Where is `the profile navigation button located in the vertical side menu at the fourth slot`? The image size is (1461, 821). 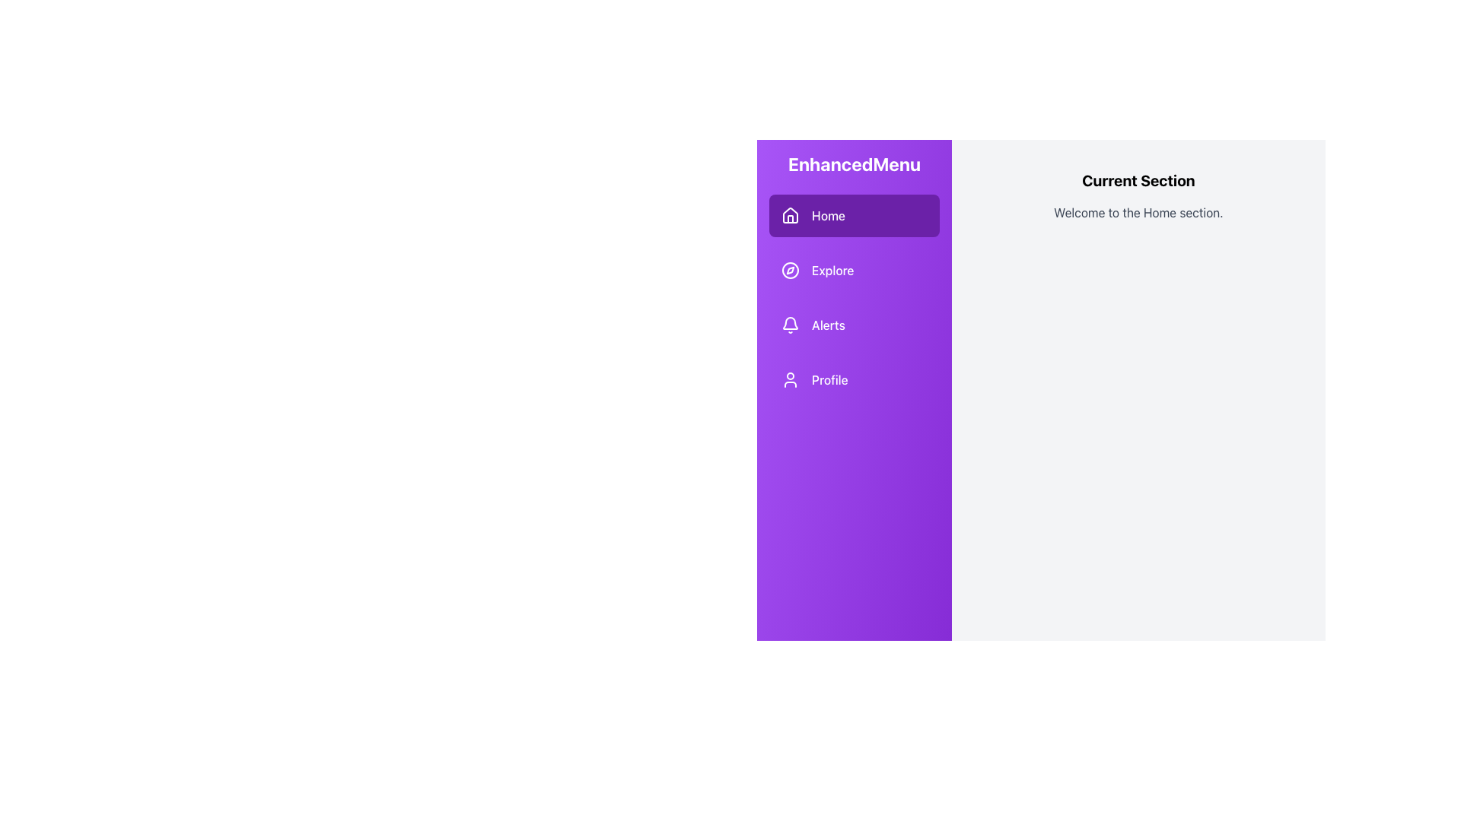
the profile navigation button located in the vertical side menu at the fourth slot is located at coordinates (855, 379).